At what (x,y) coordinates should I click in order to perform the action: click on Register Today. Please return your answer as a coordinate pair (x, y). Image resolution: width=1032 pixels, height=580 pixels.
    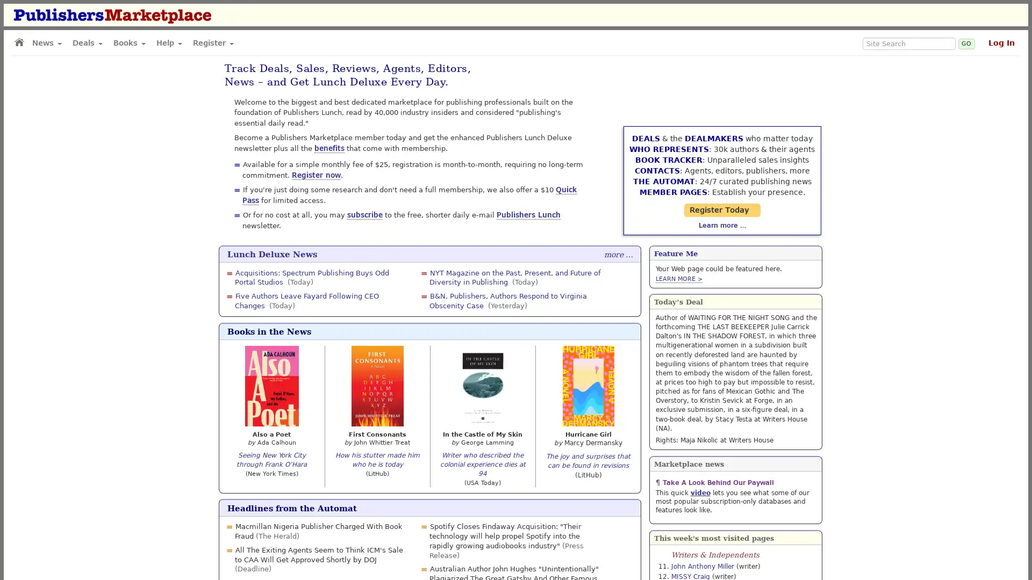
    Looking at the image, I should click on (735, 188).